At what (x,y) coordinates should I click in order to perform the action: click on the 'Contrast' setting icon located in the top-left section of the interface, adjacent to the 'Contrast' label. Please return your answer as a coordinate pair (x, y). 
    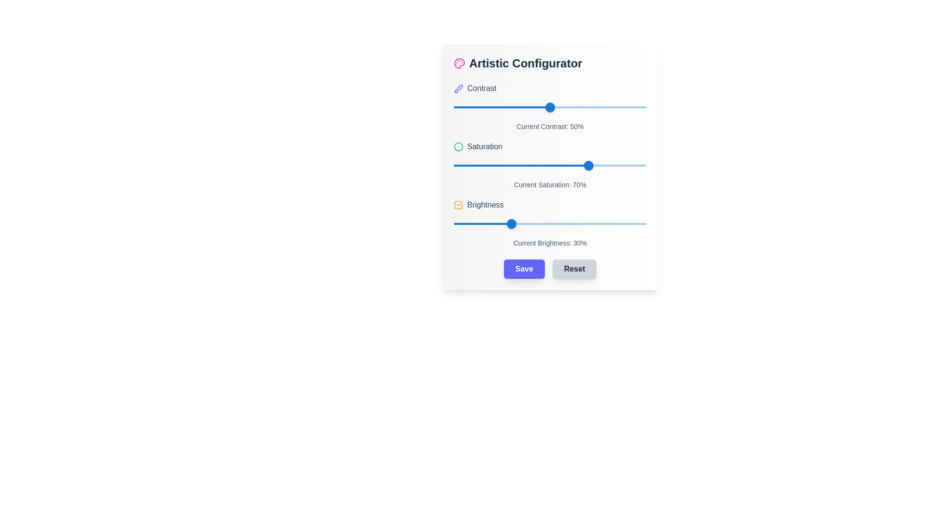
    Looking at the image, I should click on (458, 89).